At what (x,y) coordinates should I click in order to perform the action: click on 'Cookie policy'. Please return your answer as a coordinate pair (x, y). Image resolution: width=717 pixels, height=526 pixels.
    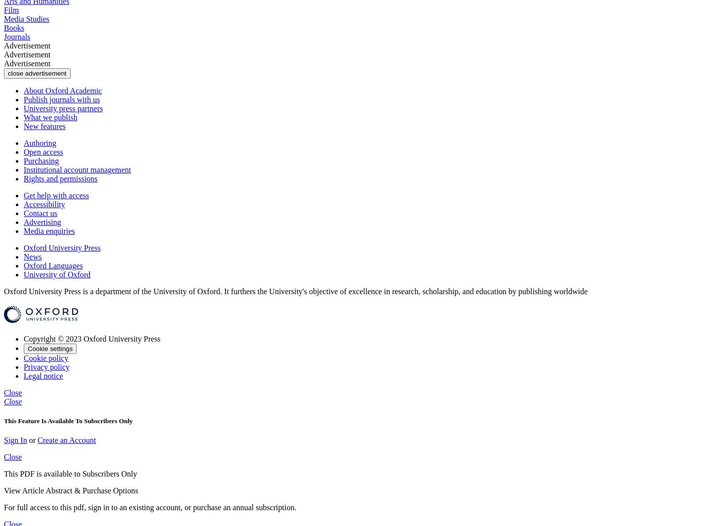
    Looking at the image, I should click on (45, 357).